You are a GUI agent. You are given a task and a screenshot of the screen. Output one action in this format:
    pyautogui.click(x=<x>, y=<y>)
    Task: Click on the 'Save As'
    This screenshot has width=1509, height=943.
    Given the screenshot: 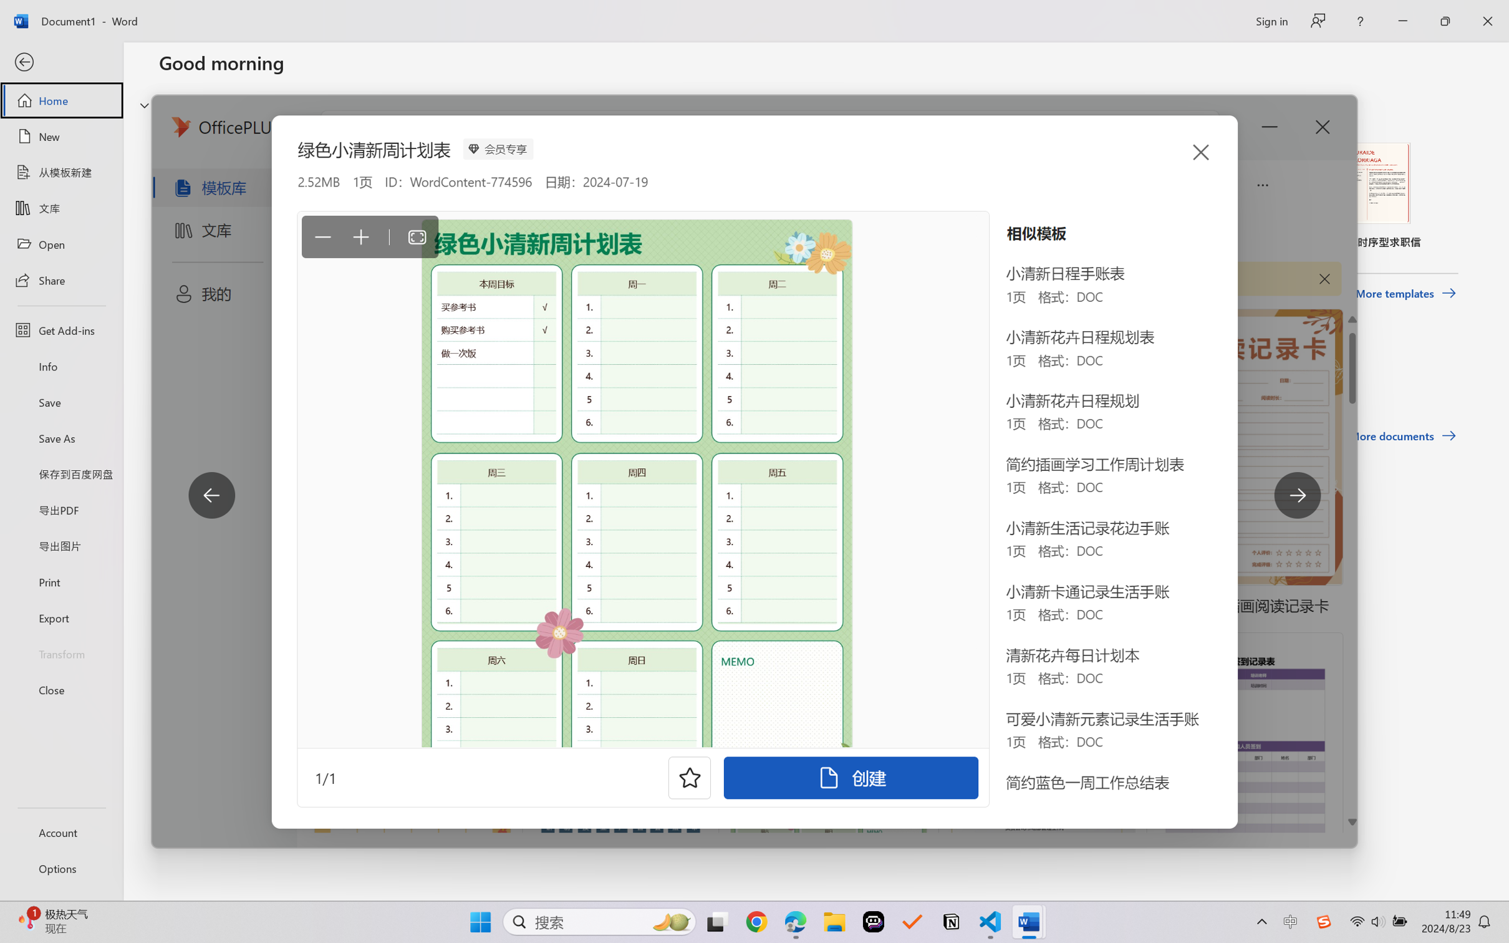 What is the action you would take?
    pyautogui.click(x=60, y=438)
    